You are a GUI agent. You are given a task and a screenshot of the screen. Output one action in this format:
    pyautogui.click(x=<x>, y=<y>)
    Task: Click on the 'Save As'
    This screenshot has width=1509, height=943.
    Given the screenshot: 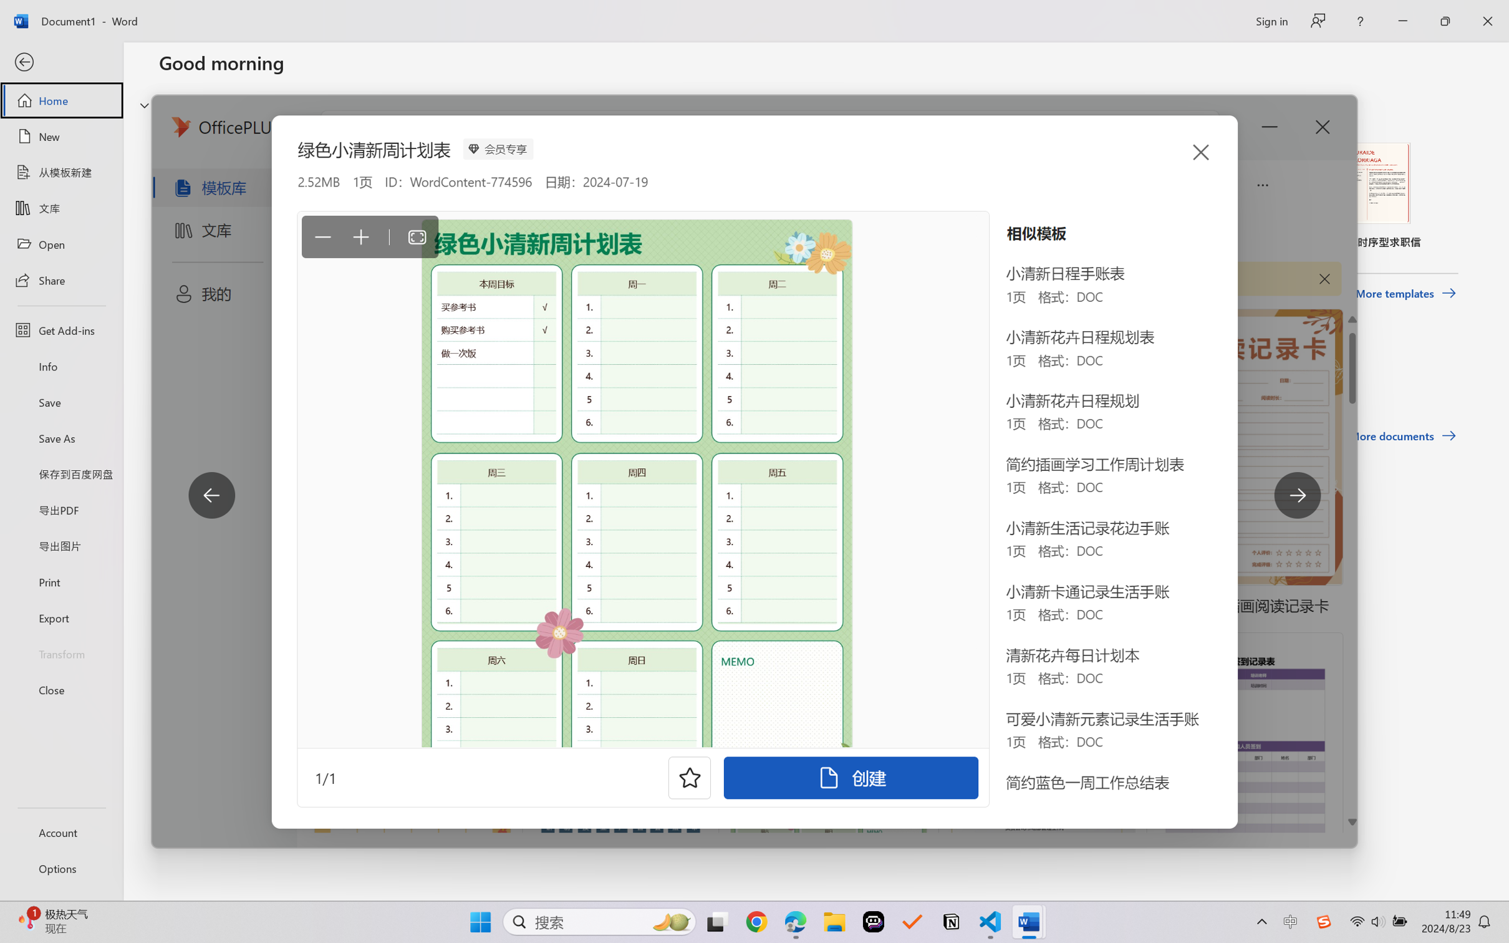 What is the action you would take?
    pyautogui.click(x=60, y=438)
    